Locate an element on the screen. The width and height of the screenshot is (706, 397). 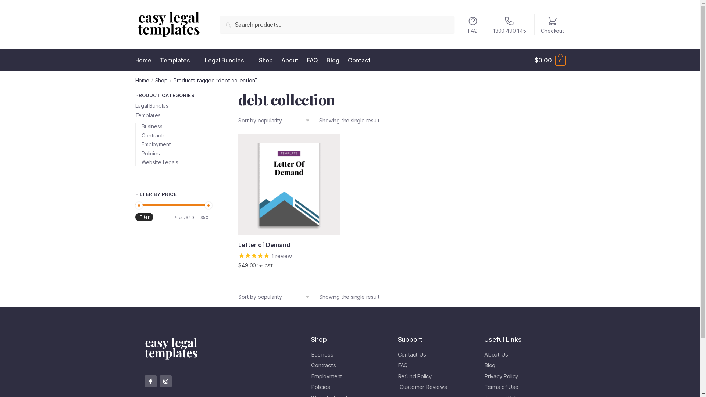
'Policies' is located at coordinates (141, 153).